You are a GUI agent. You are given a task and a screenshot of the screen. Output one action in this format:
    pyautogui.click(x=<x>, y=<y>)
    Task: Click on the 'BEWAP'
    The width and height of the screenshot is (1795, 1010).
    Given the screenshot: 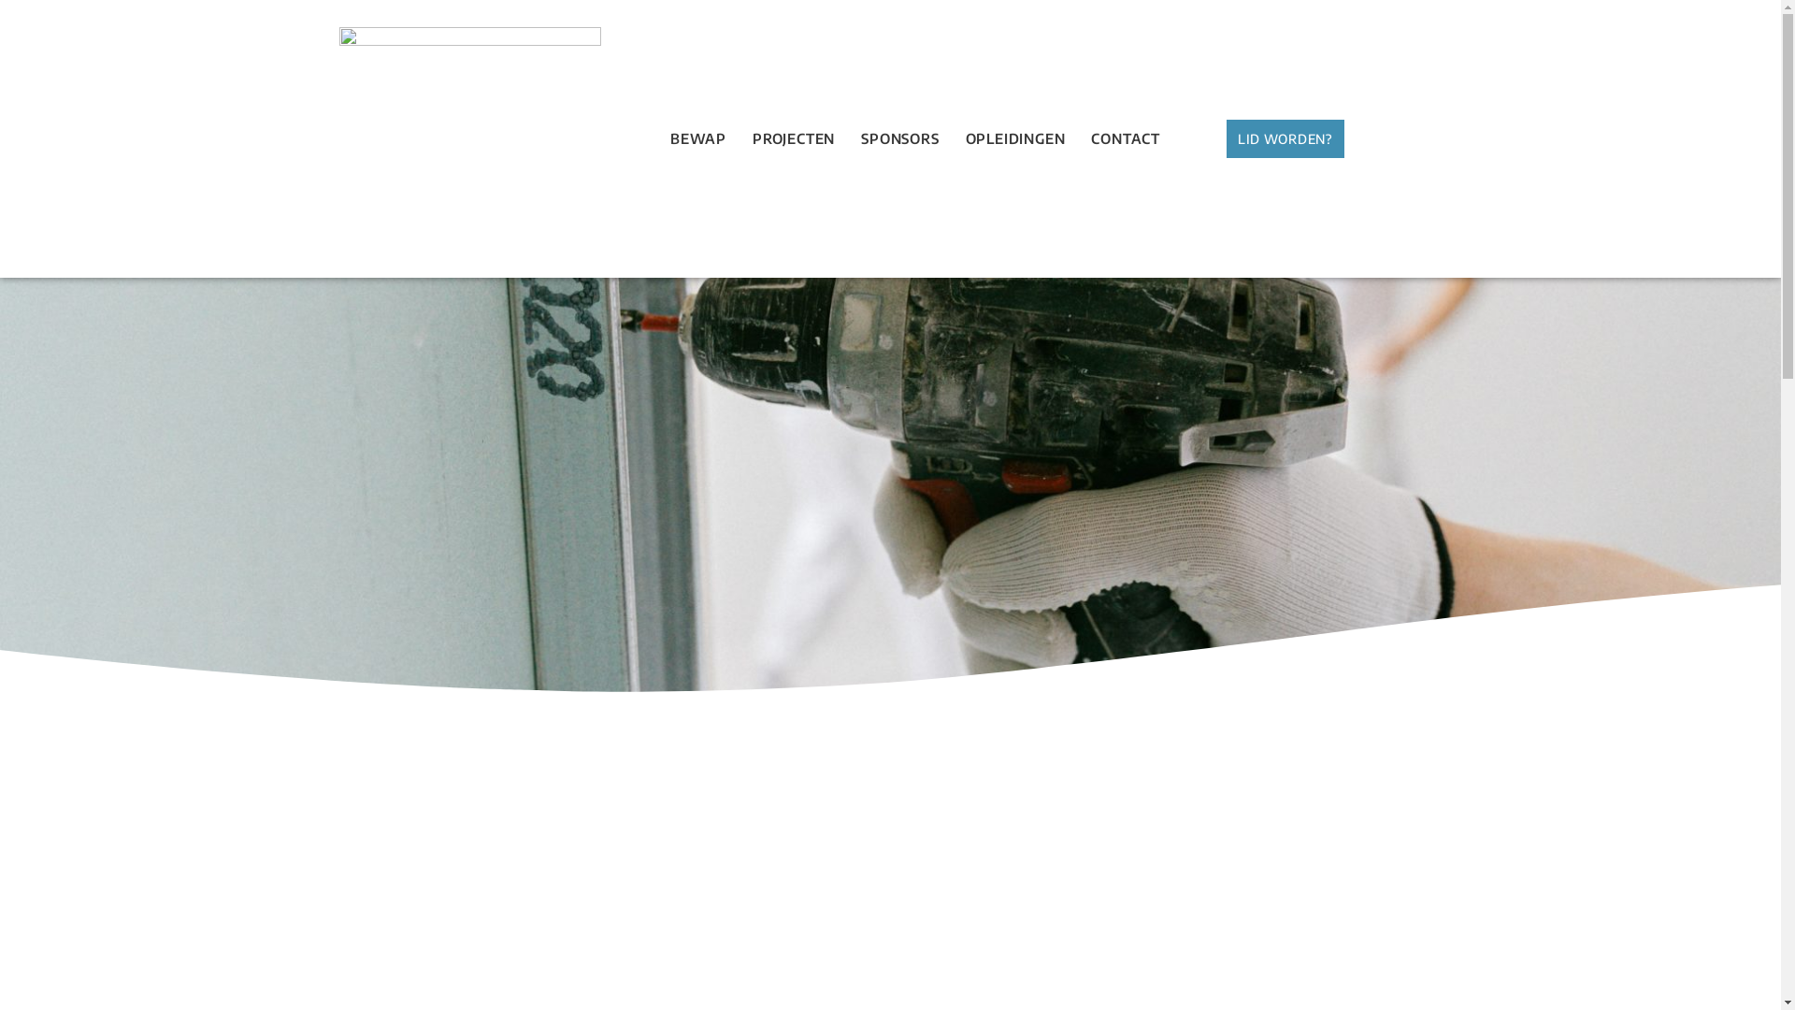 What is the action you would take?
    pyautogui.click(x=697, y=137)
    